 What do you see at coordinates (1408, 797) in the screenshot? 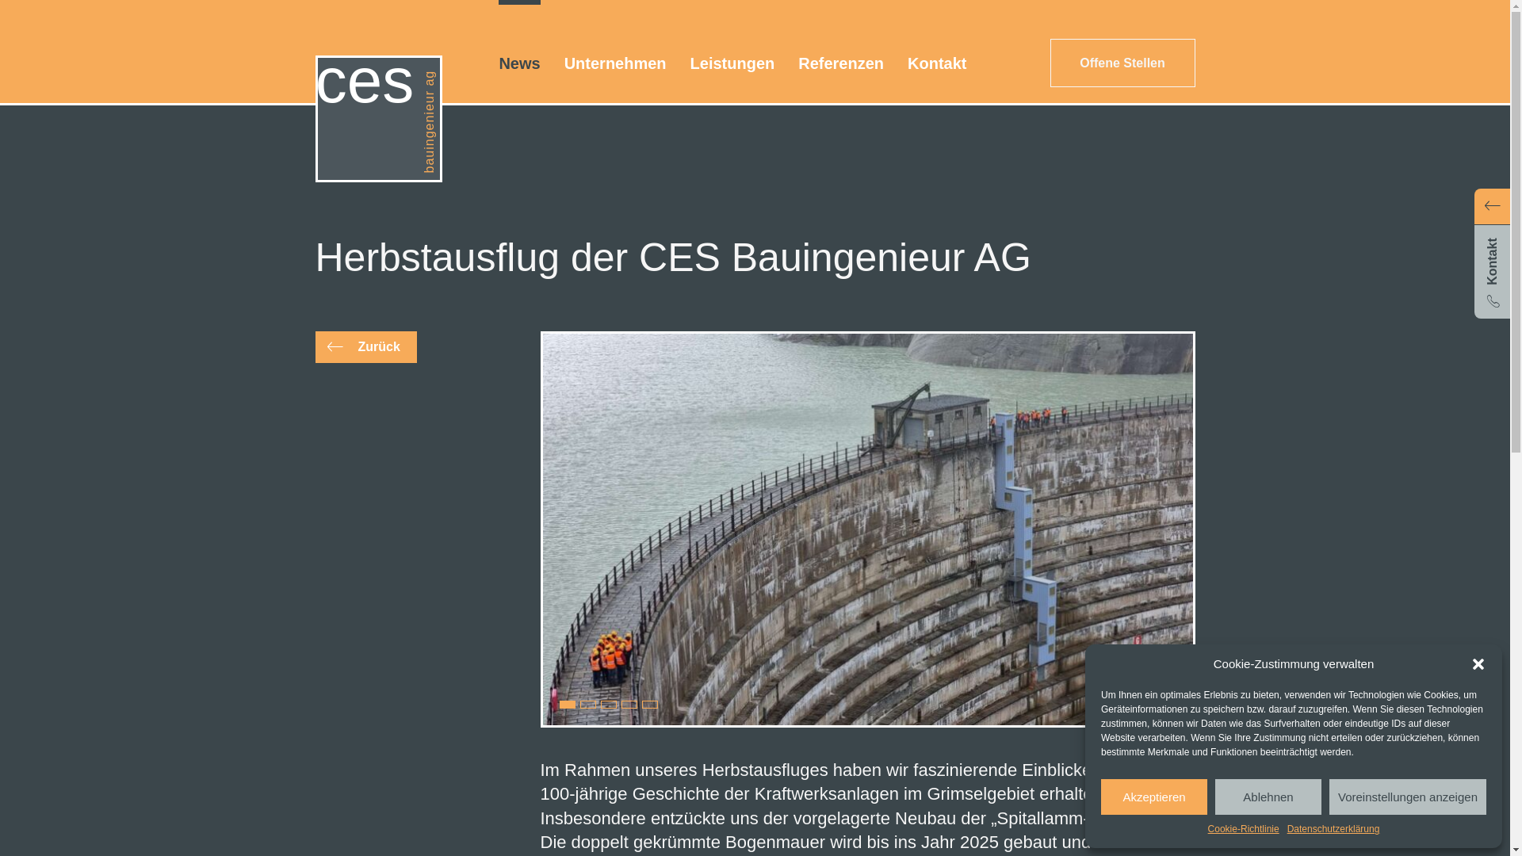
I see `'Voreinstellungen anzeigen'` at bounding box center [1408, 797].